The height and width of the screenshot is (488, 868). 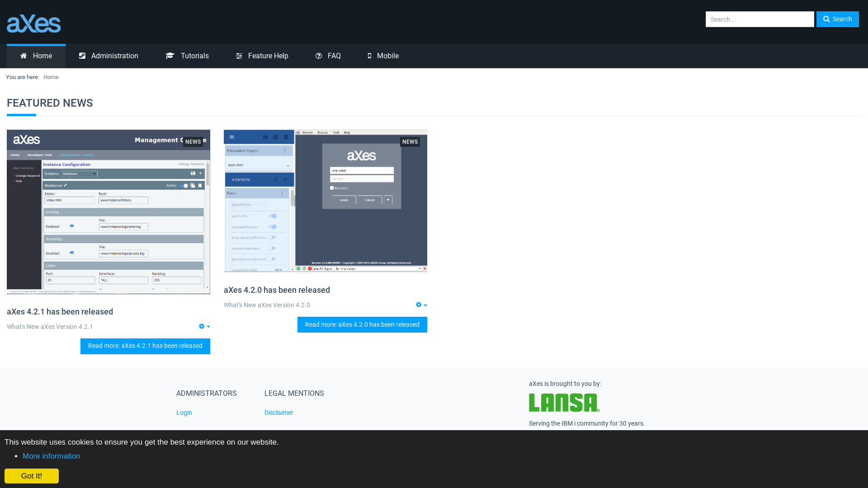 I want to click on 'Home', so click(x=36, y=56).